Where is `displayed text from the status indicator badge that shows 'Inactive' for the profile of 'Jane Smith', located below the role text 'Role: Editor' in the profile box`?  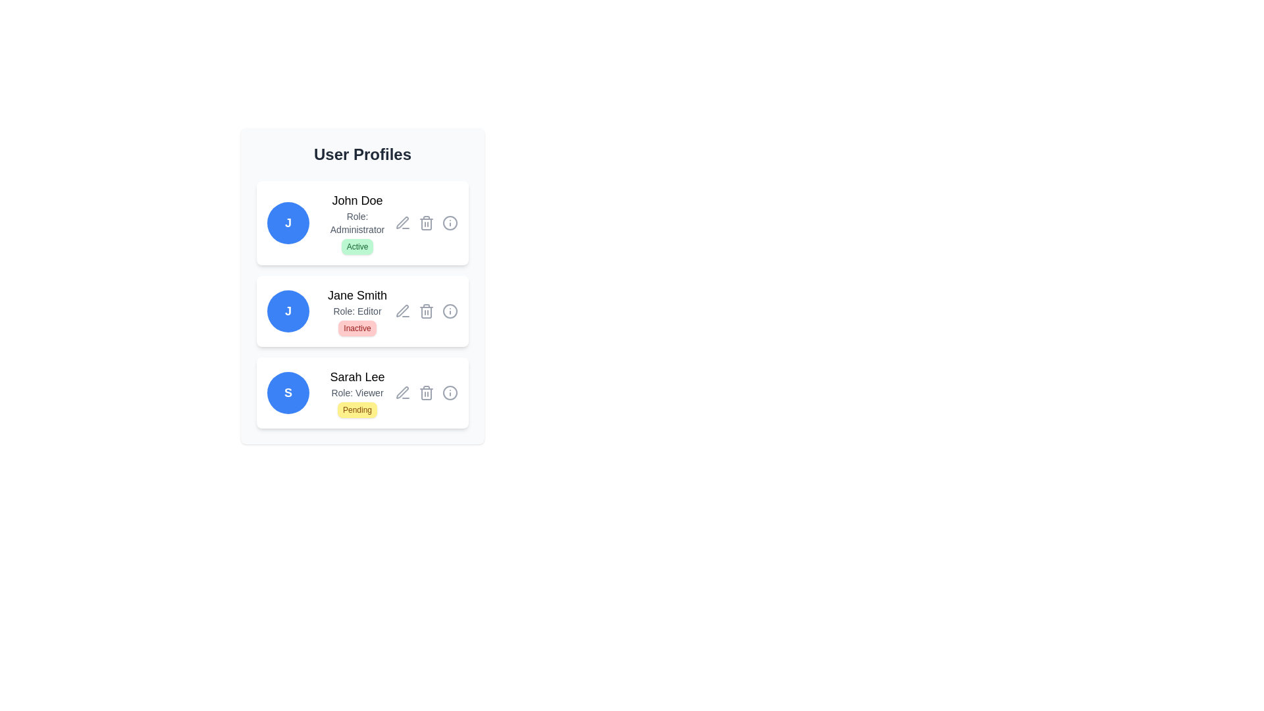
displayed text from the status indicator badge that shows 'Inactive' for the profile of 'Jane Smith', located below the role text 'Role: Editor' in the profile box is located at coordinates (357, 327).